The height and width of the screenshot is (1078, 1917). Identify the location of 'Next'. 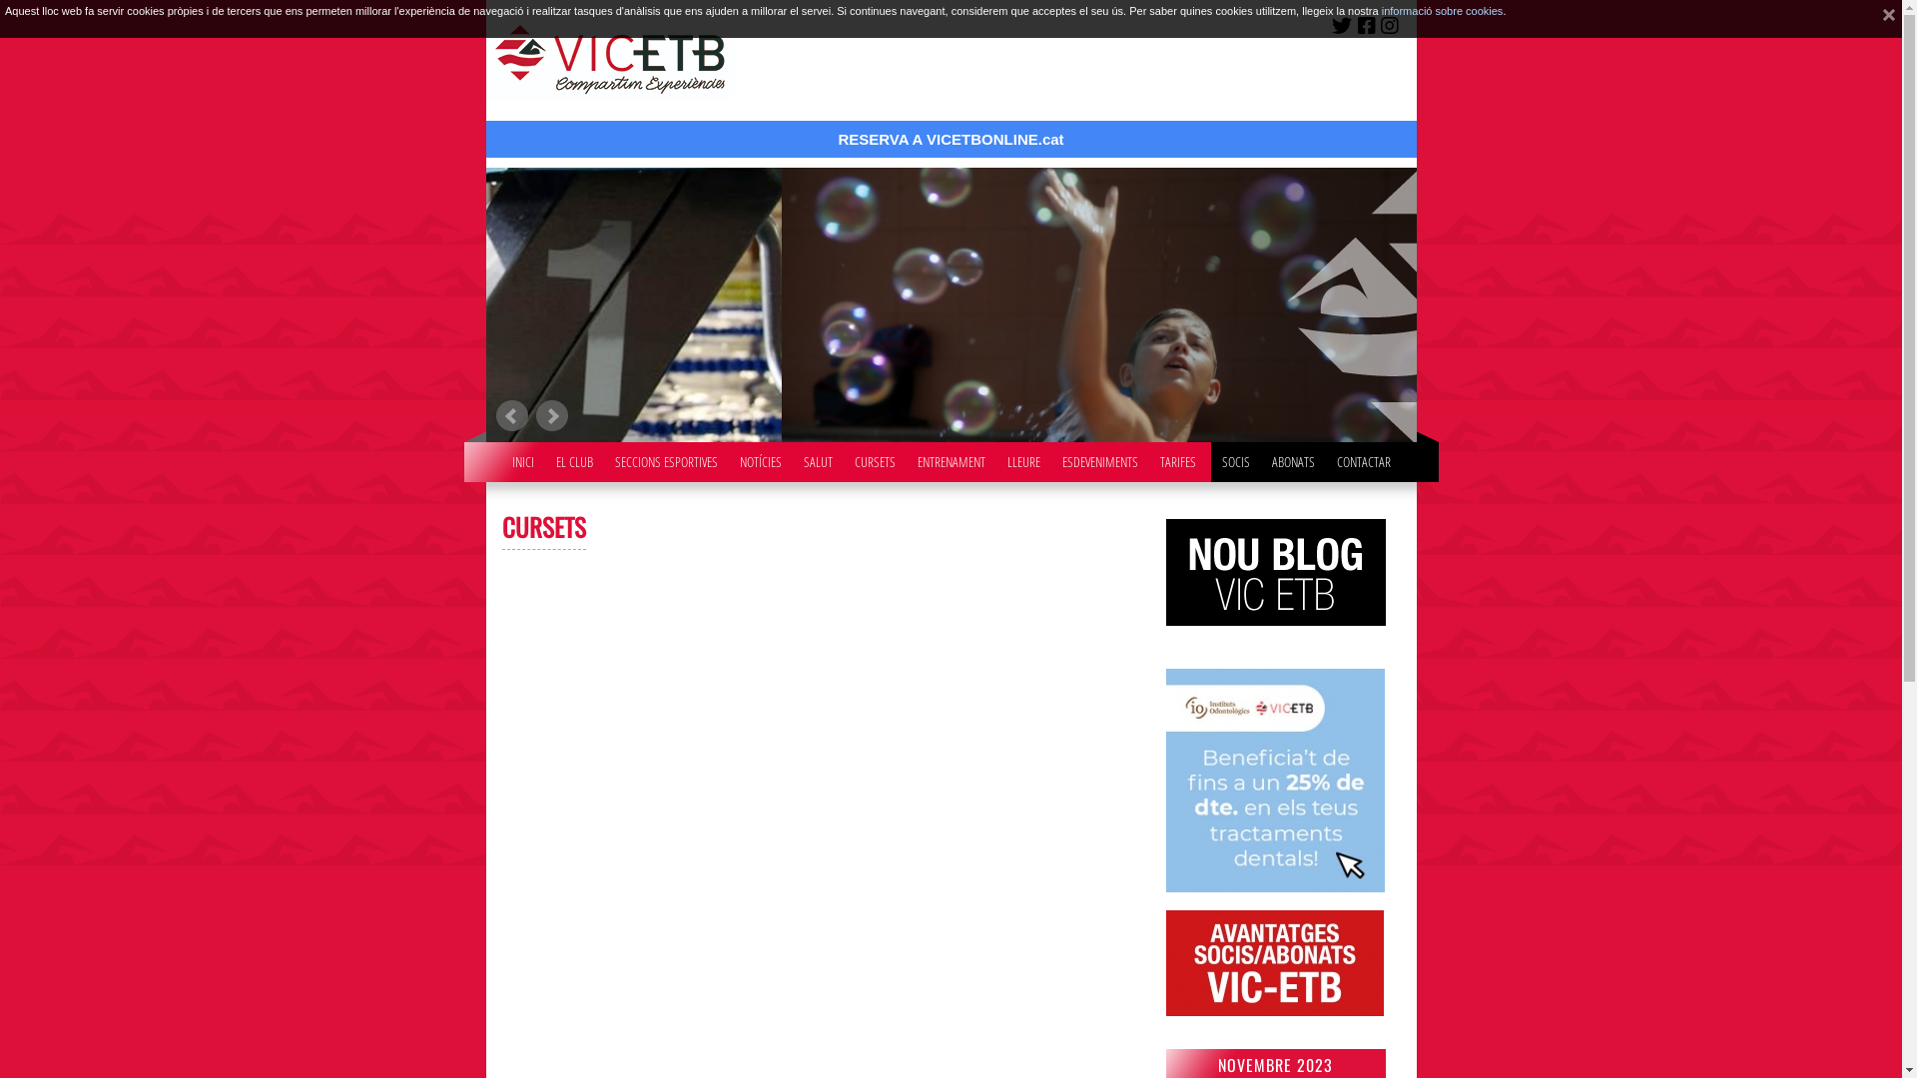
(551, 414).